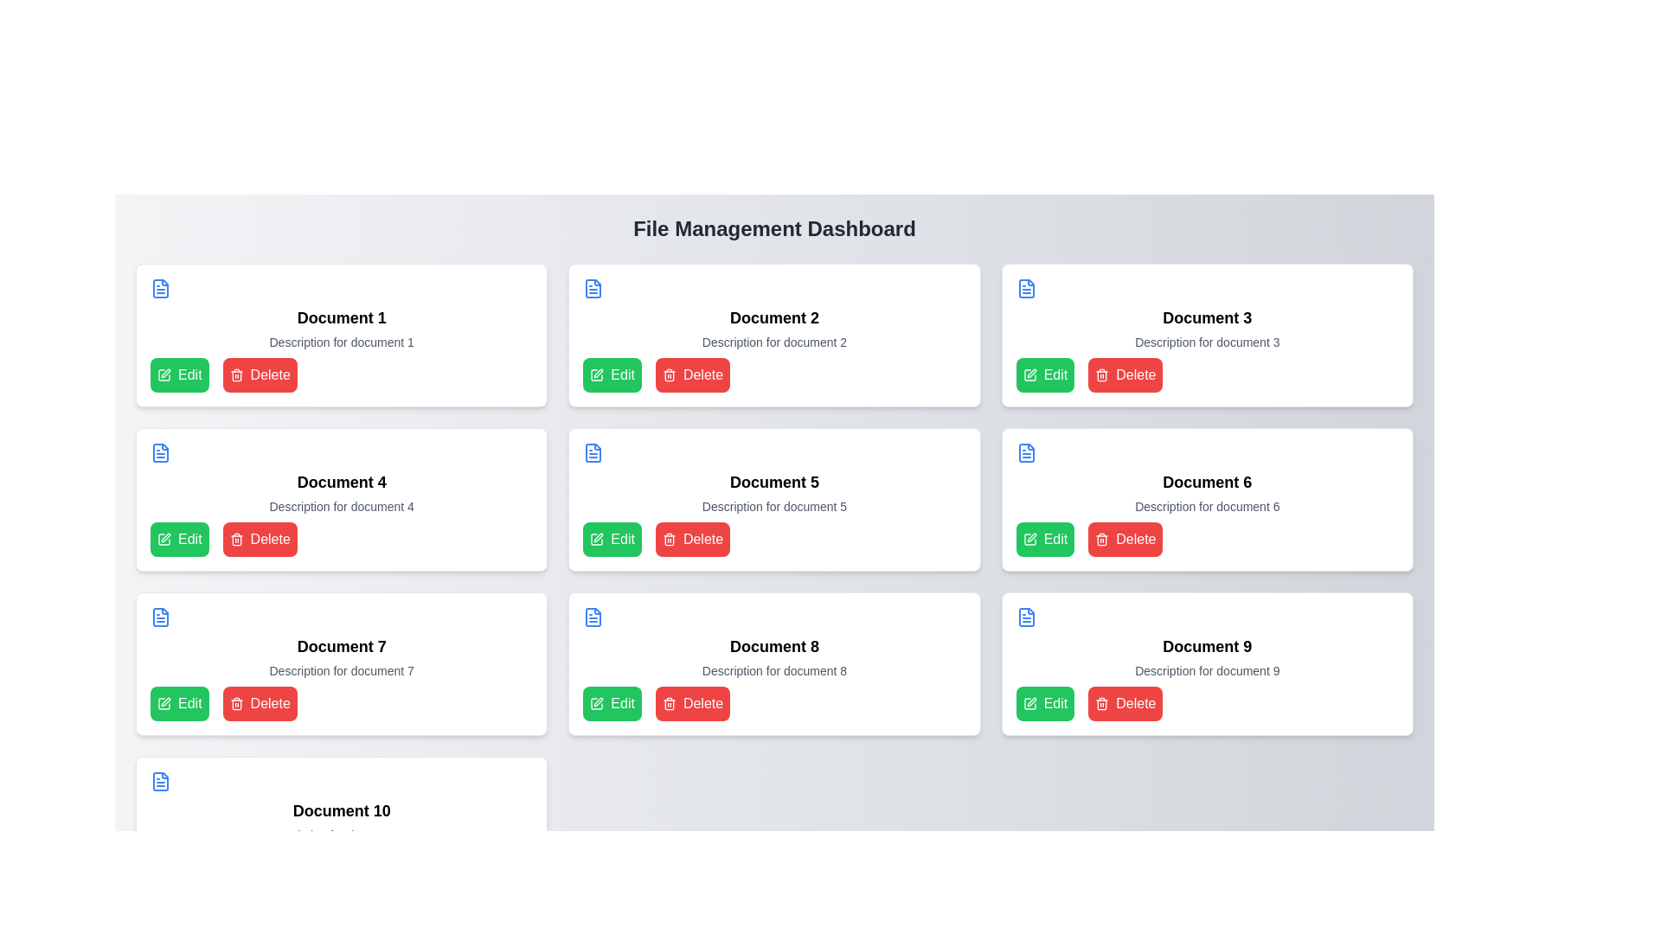  What do you see at coordinates (1044, 374) in the screenshot?
I see `the green 'Edit' button with a pen icon at the bottom-left corner of the card for 'Document 3'` at bounding box center [1044, 374].